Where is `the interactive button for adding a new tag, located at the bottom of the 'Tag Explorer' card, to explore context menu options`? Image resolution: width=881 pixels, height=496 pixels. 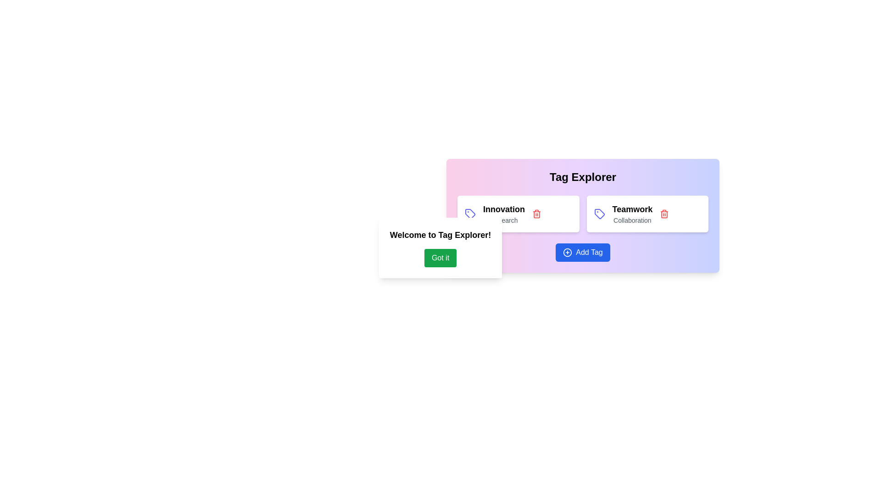
the interactive button for adding a new tag, located at the bottom of the 'Tag Explorer' card, to explore context menu options is located at coordinates (582, 253).